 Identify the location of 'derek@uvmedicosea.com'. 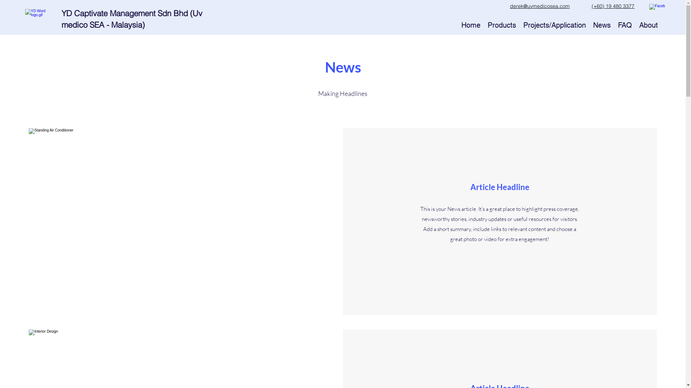
(539, 6).